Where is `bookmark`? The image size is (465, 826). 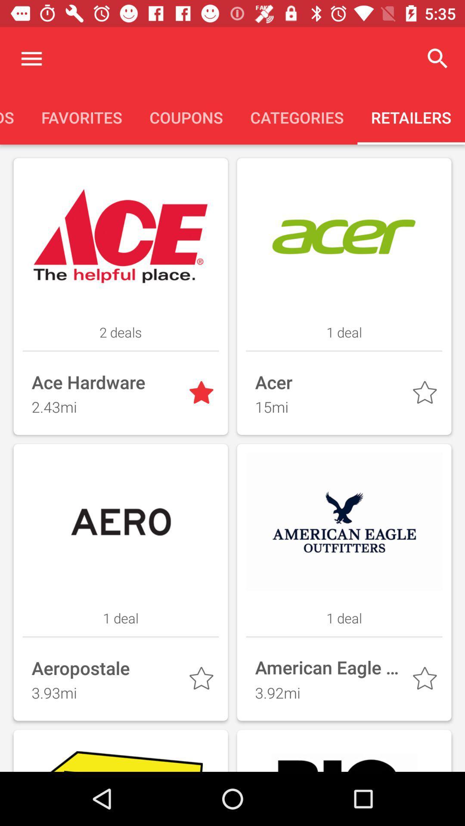 bookmark is located at coordinates (426, 680).